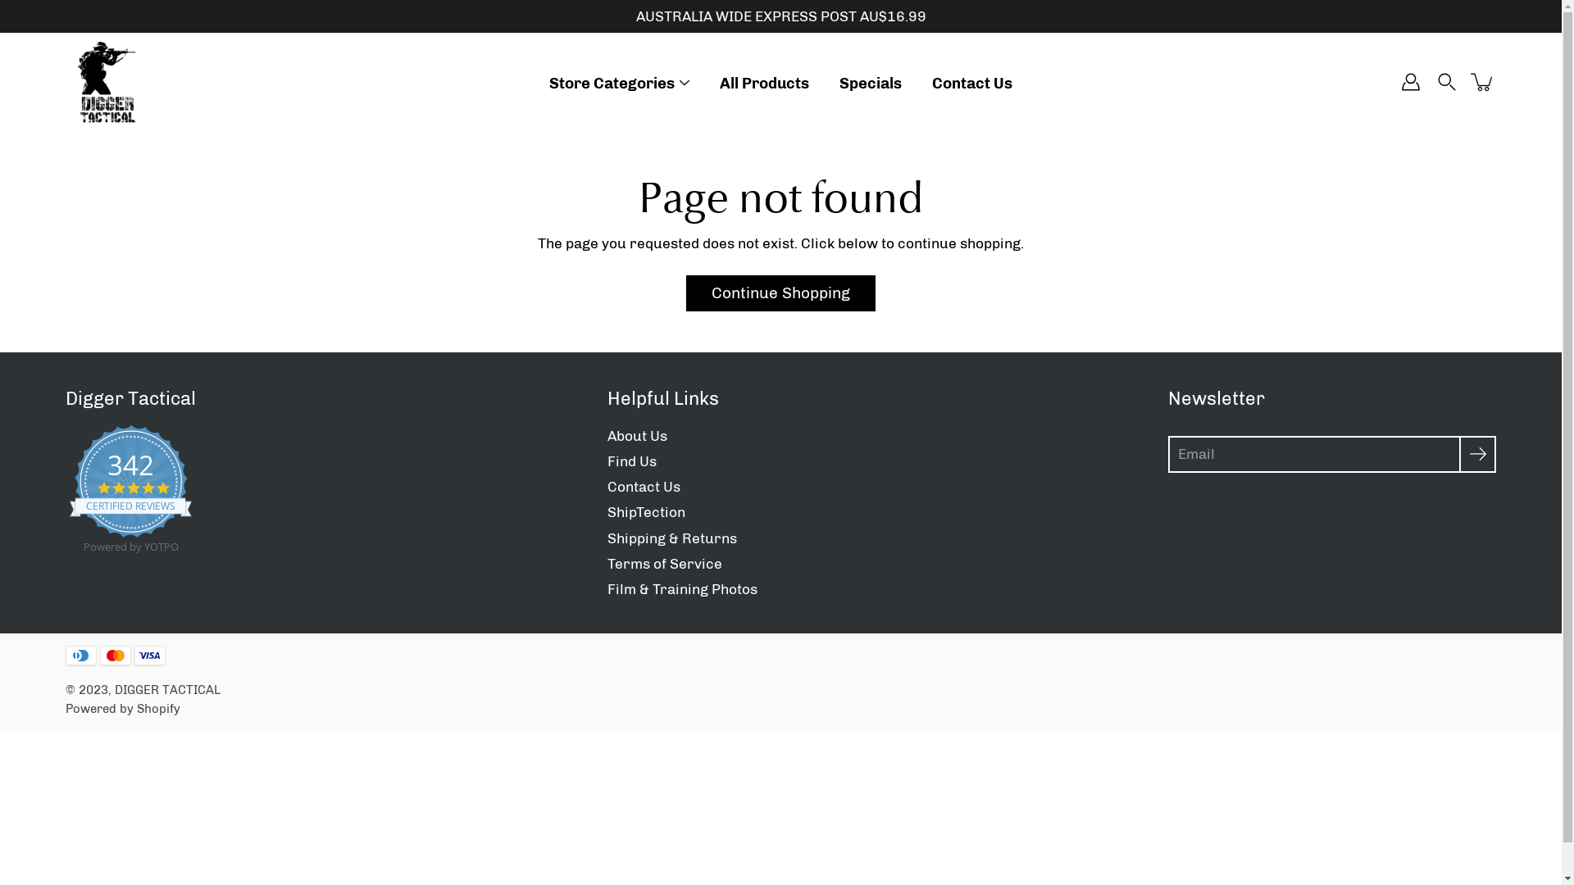 The image size is (1574, 885). Describe the element at coordinates (869, 83) in the screenshot. I see `'Specials'` at that location.